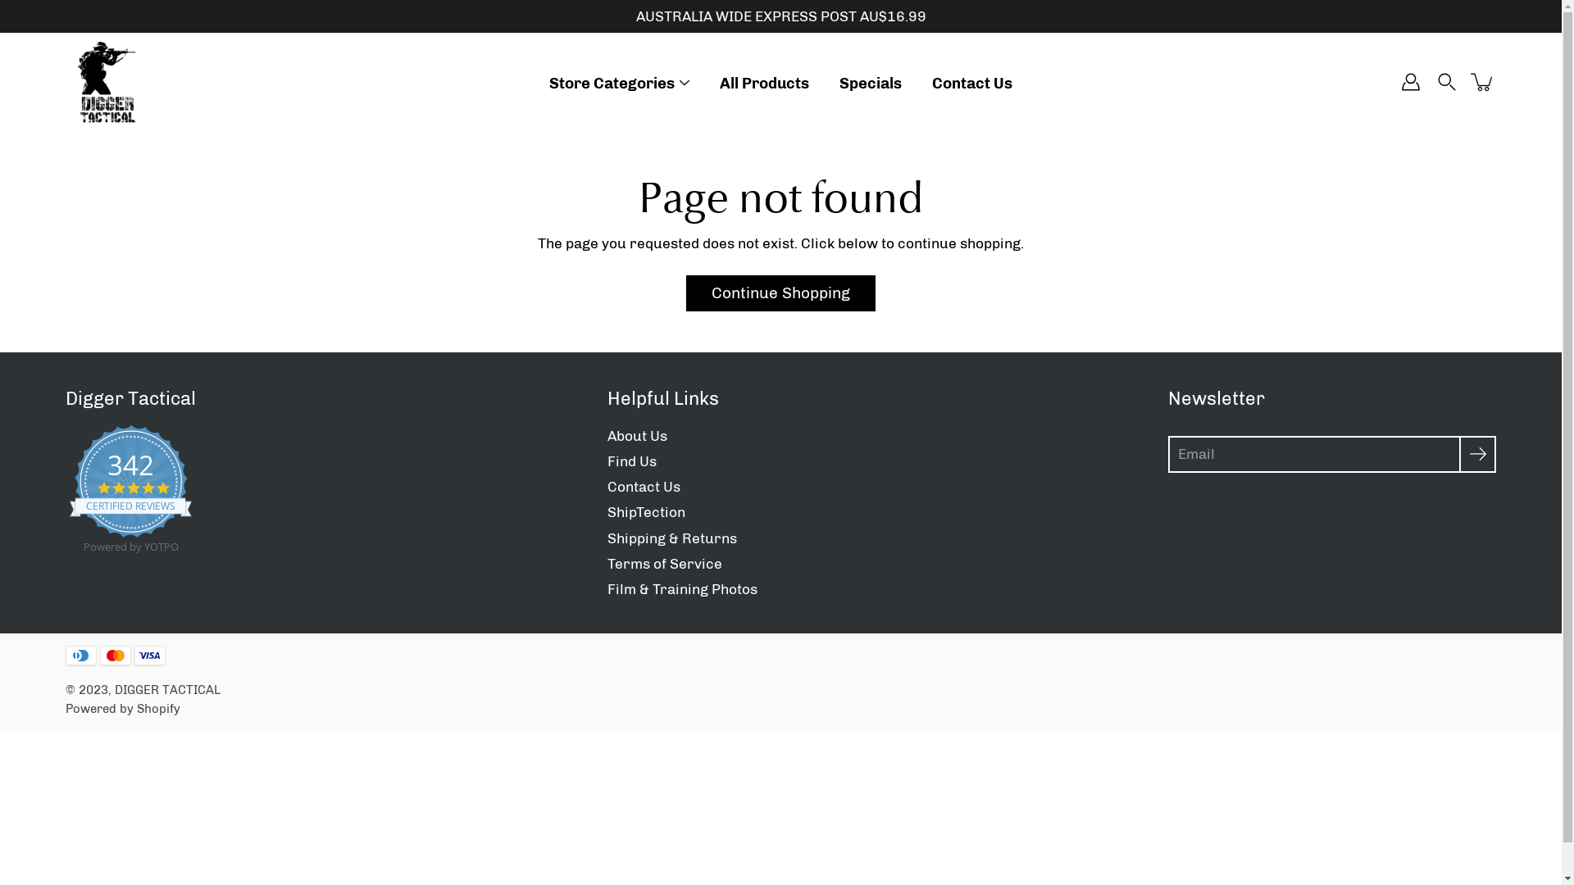 The image size is (1574, 885). Describe the element at coordinates (869, 83) in the screenshot. I see `'Specials'` at that location.